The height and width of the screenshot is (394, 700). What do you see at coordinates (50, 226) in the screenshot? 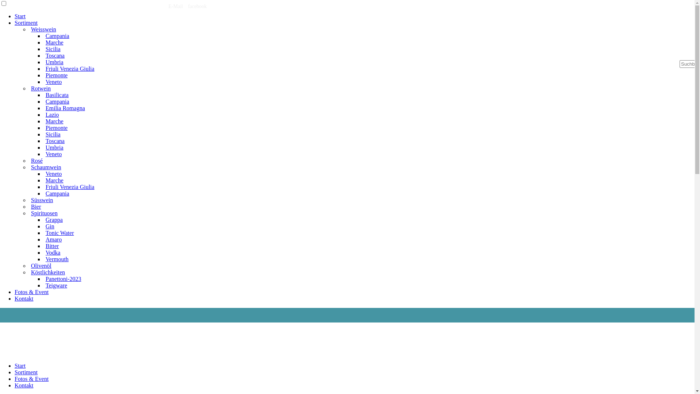
I see `'Gin'` at bounding box center [50, 226].